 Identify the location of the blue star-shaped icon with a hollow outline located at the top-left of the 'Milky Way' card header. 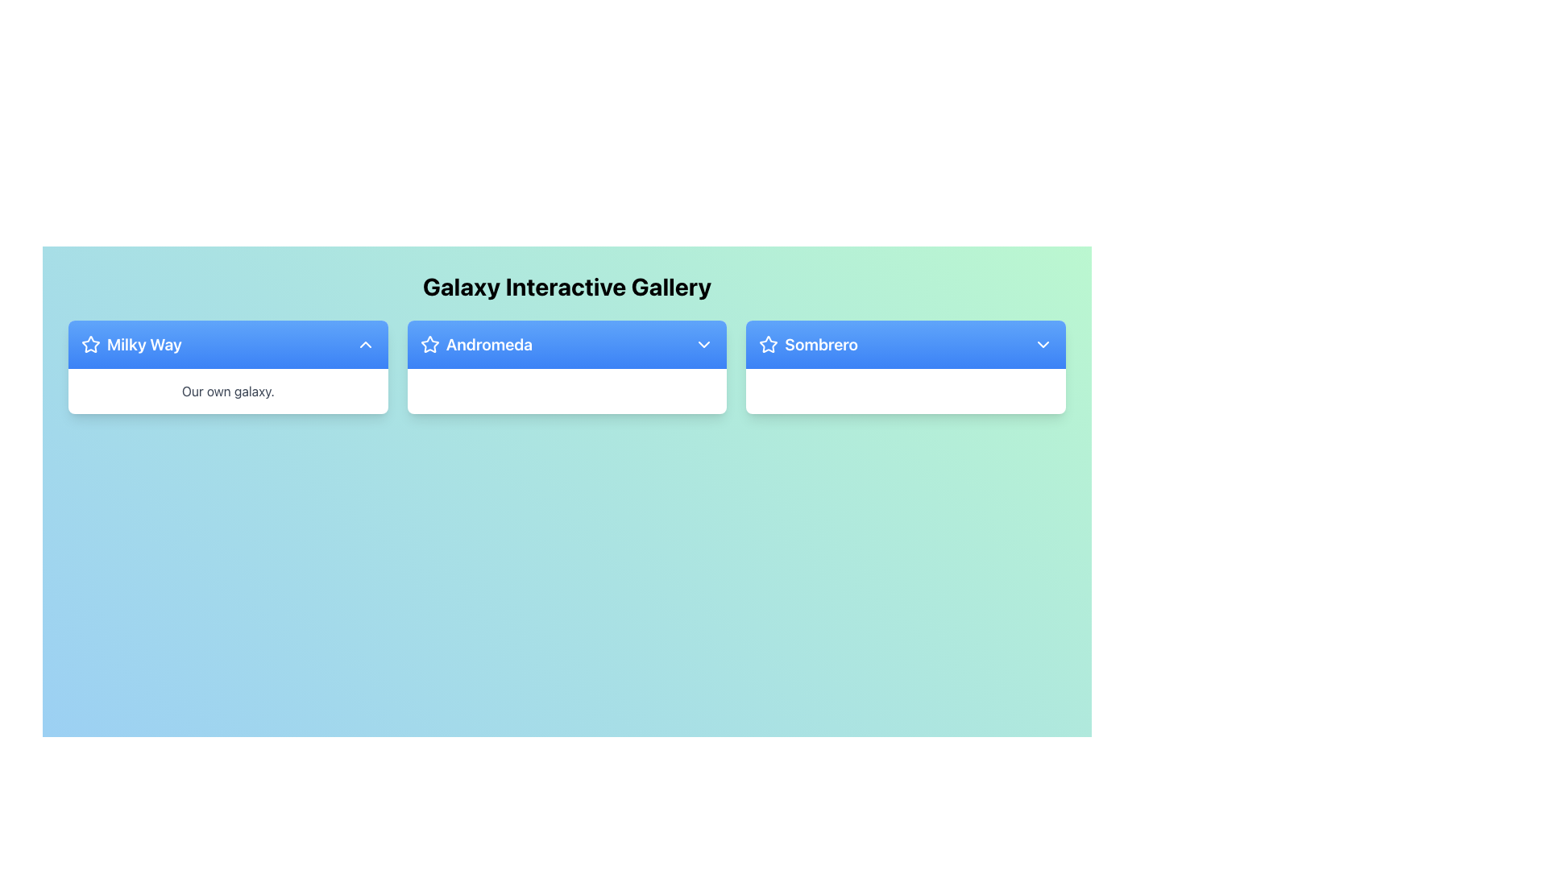
(768, 343).